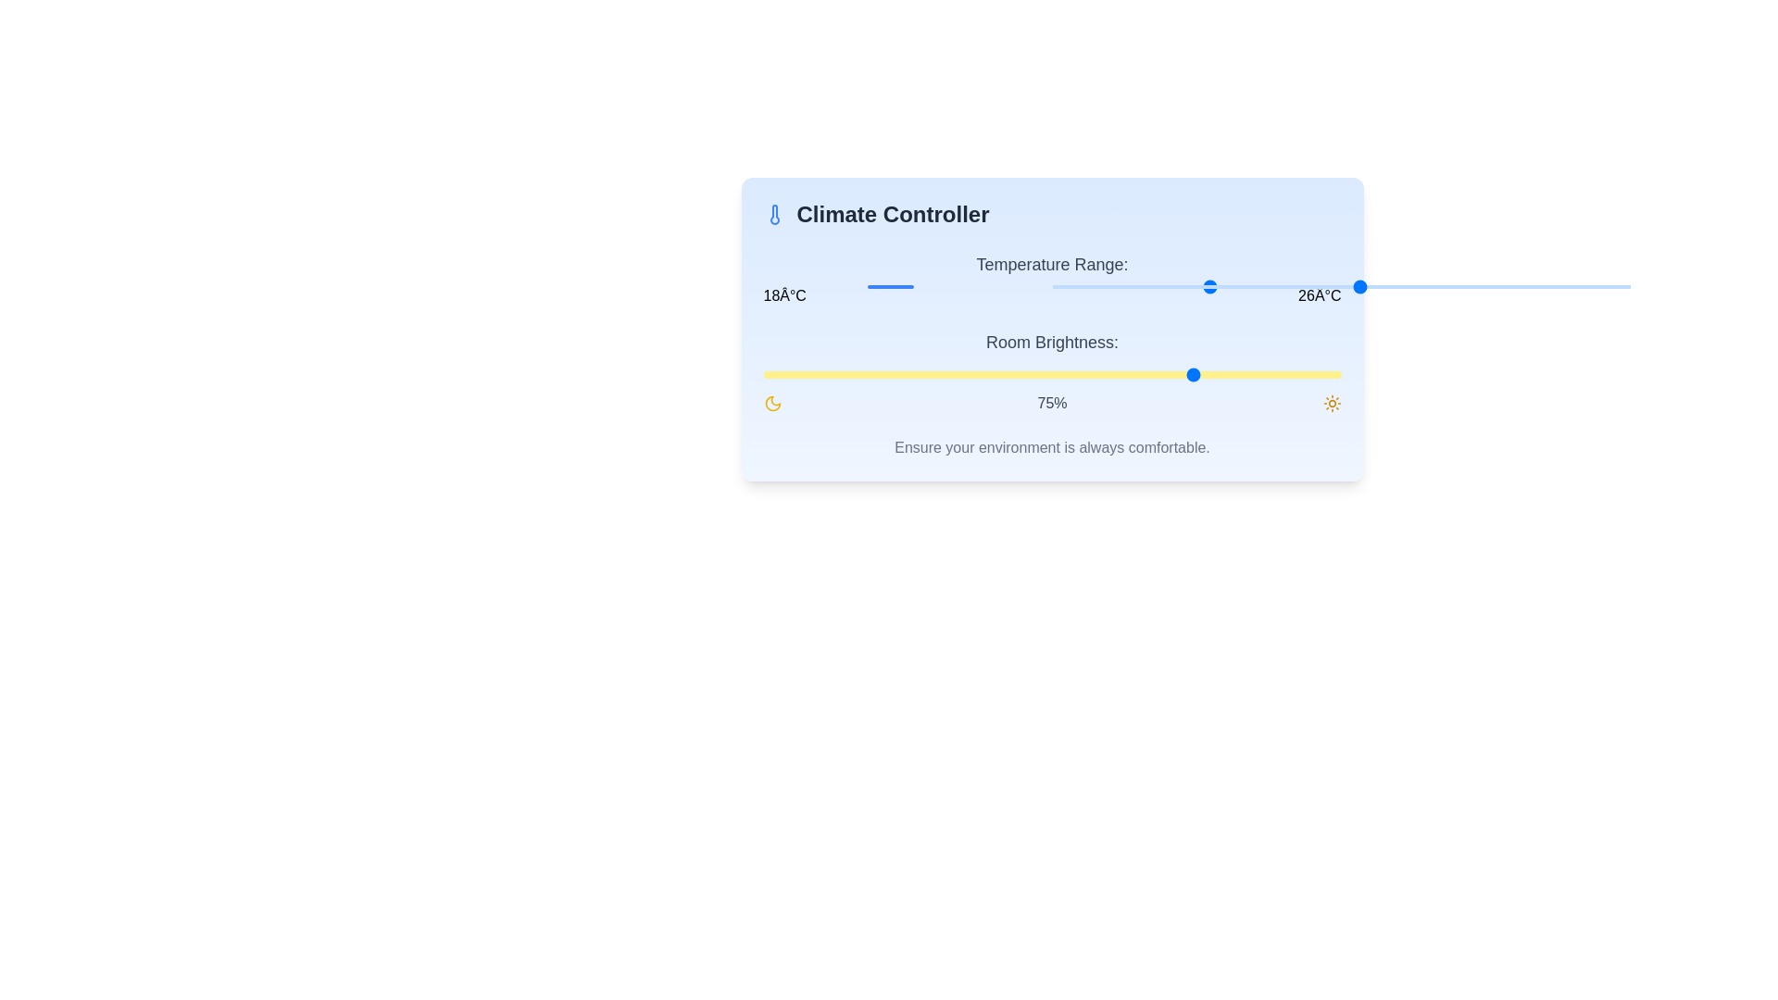  What do you see at coordinates (893, 213) in the screenshot?
I see `label that serves as the title for the climate control section, located to the right of the thermometer icon in the header section of the card` at bounding box center [893, 213].